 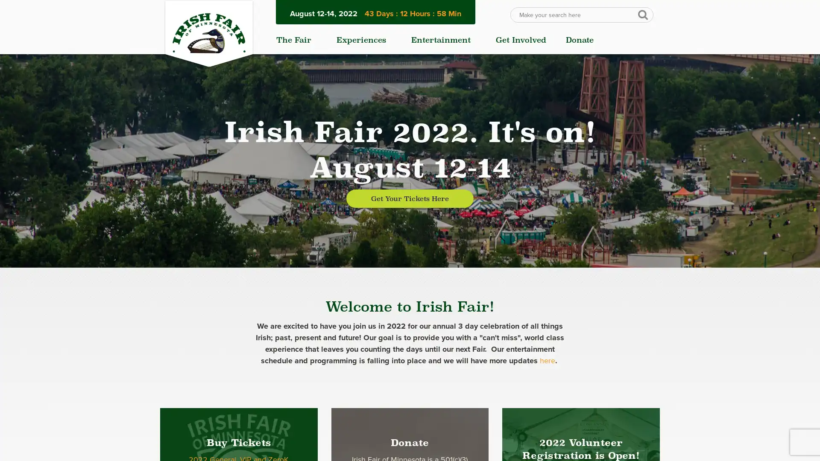 I want to click on Go, so click(x=642, y=14).